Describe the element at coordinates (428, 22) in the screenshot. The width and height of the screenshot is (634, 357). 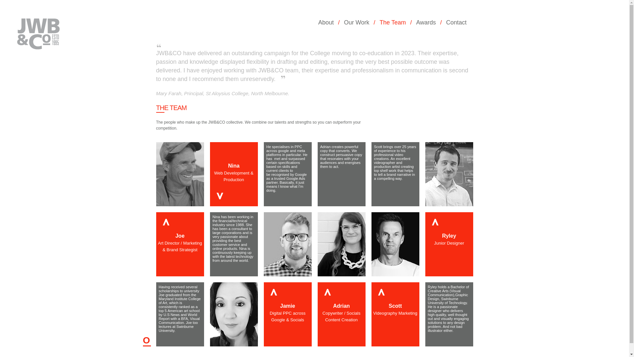
I see `'Awards'` at that location.